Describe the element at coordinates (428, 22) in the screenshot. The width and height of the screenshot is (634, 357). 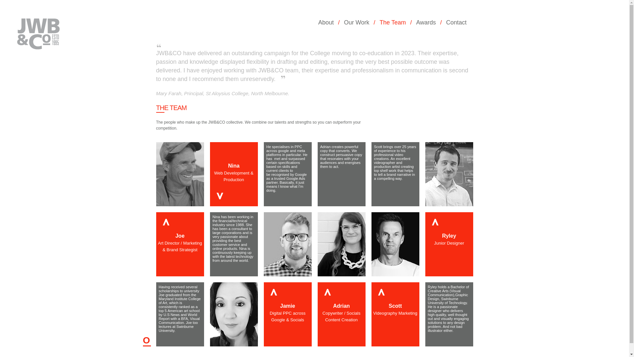
I see `'Awards'` at that location.